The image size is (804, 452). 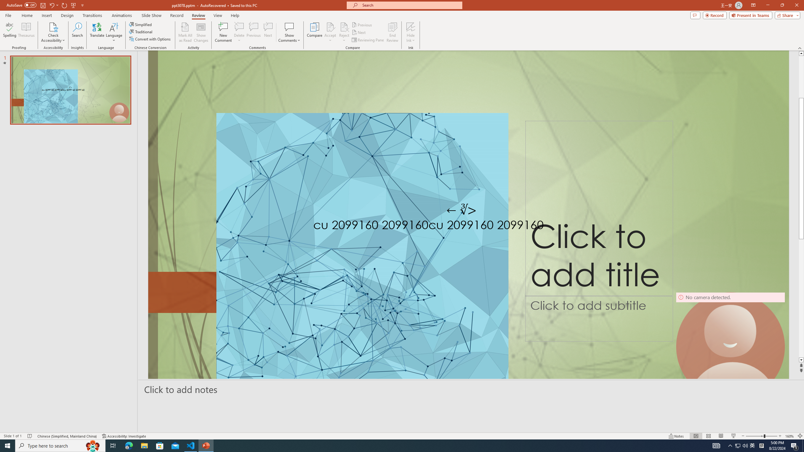 I want to click on 'Comments', so click(x=695, y=15).